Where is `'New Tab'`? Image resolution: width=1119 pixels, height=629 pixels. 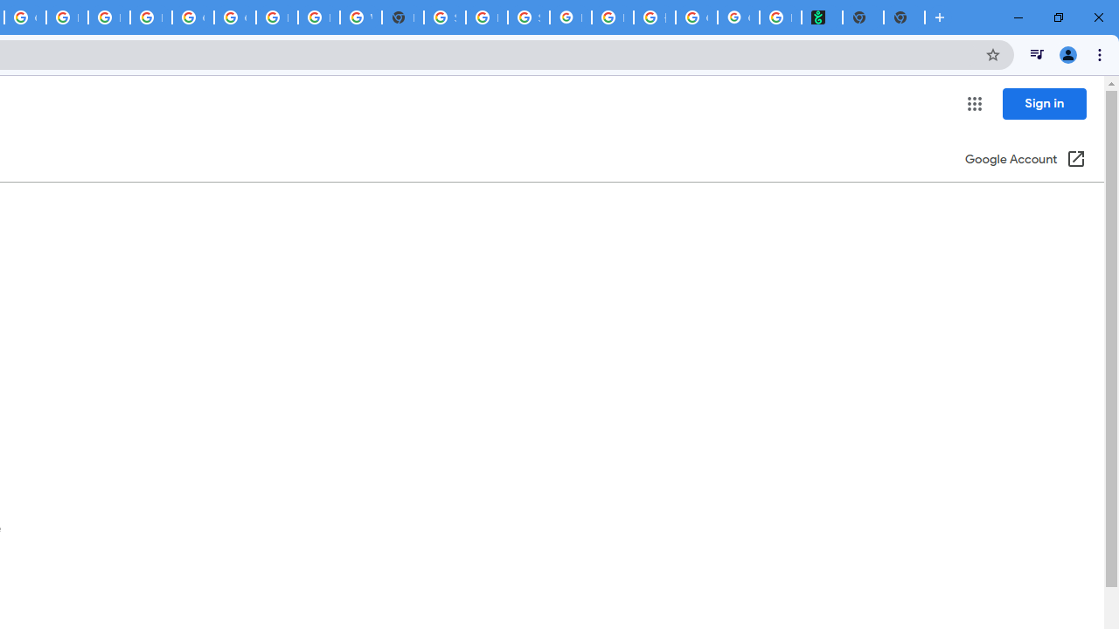
'New Tab' is located at coordinates (904, 17).